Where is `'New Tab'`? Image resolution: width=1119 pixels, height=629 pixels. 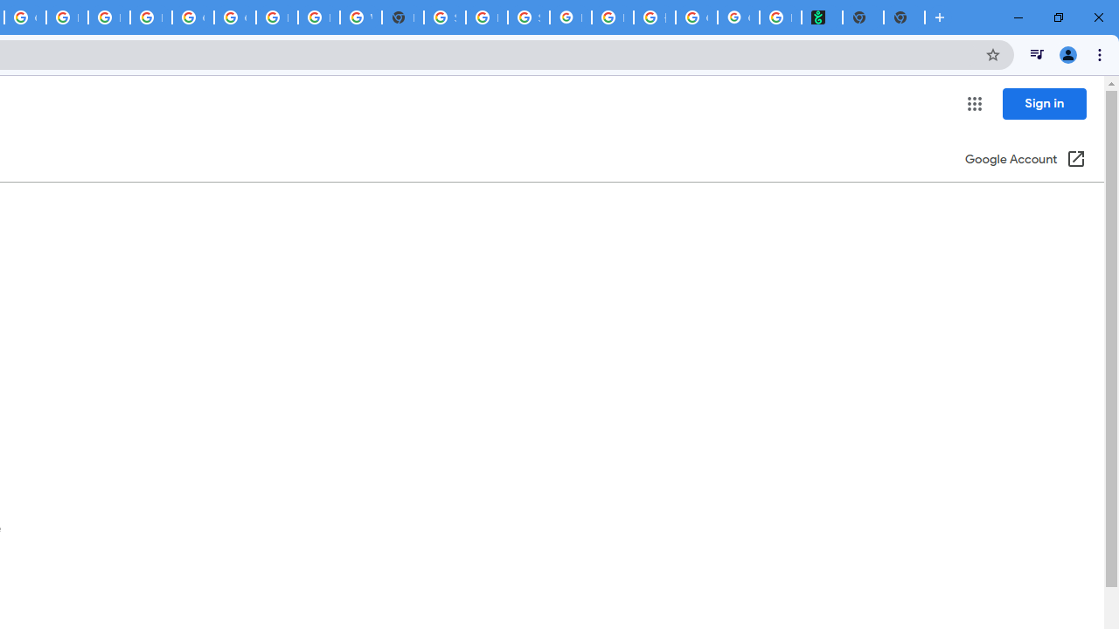
'New Tab' is located at coordinates (904, 17).